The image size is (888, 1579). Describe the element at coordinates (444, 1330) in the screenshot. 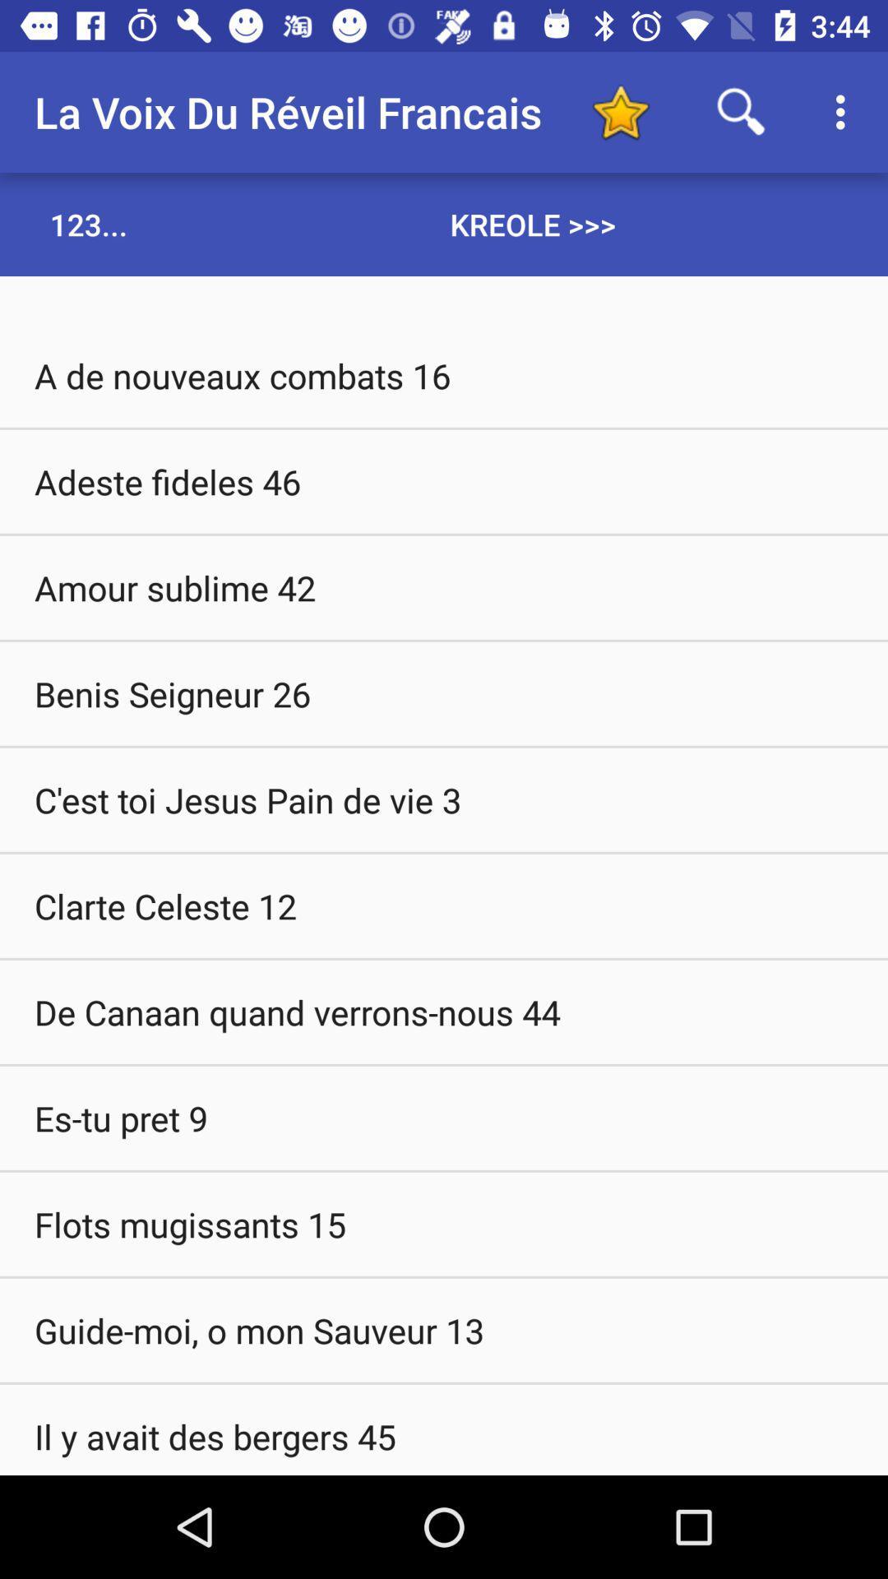

I see `the item above the il y avait item` at that location.